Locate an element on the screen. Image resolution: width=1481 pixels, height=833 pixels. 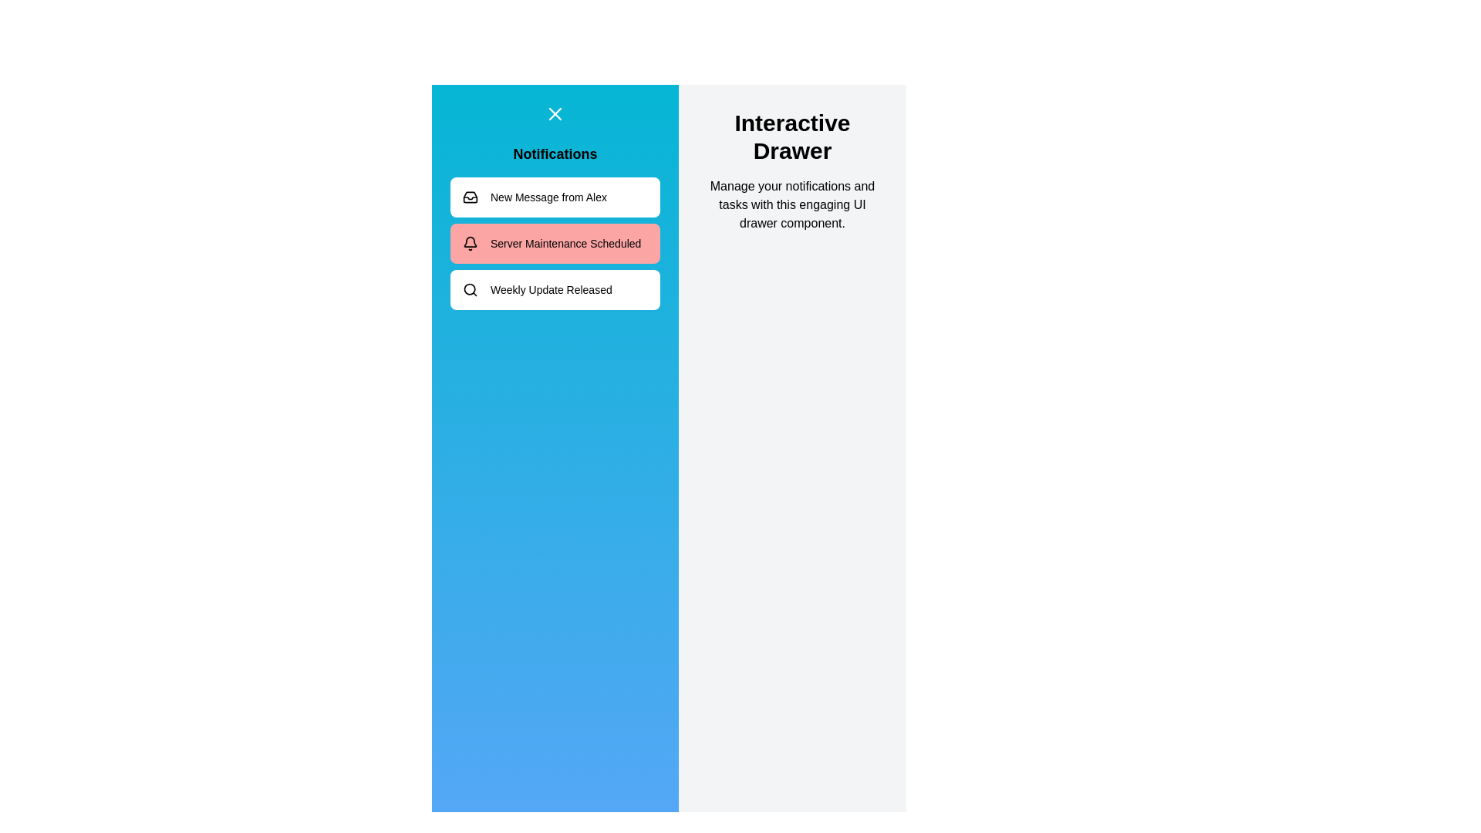
the notification labeled 'Server Maintenance Scheduled' is located at coordinates (555, 243).